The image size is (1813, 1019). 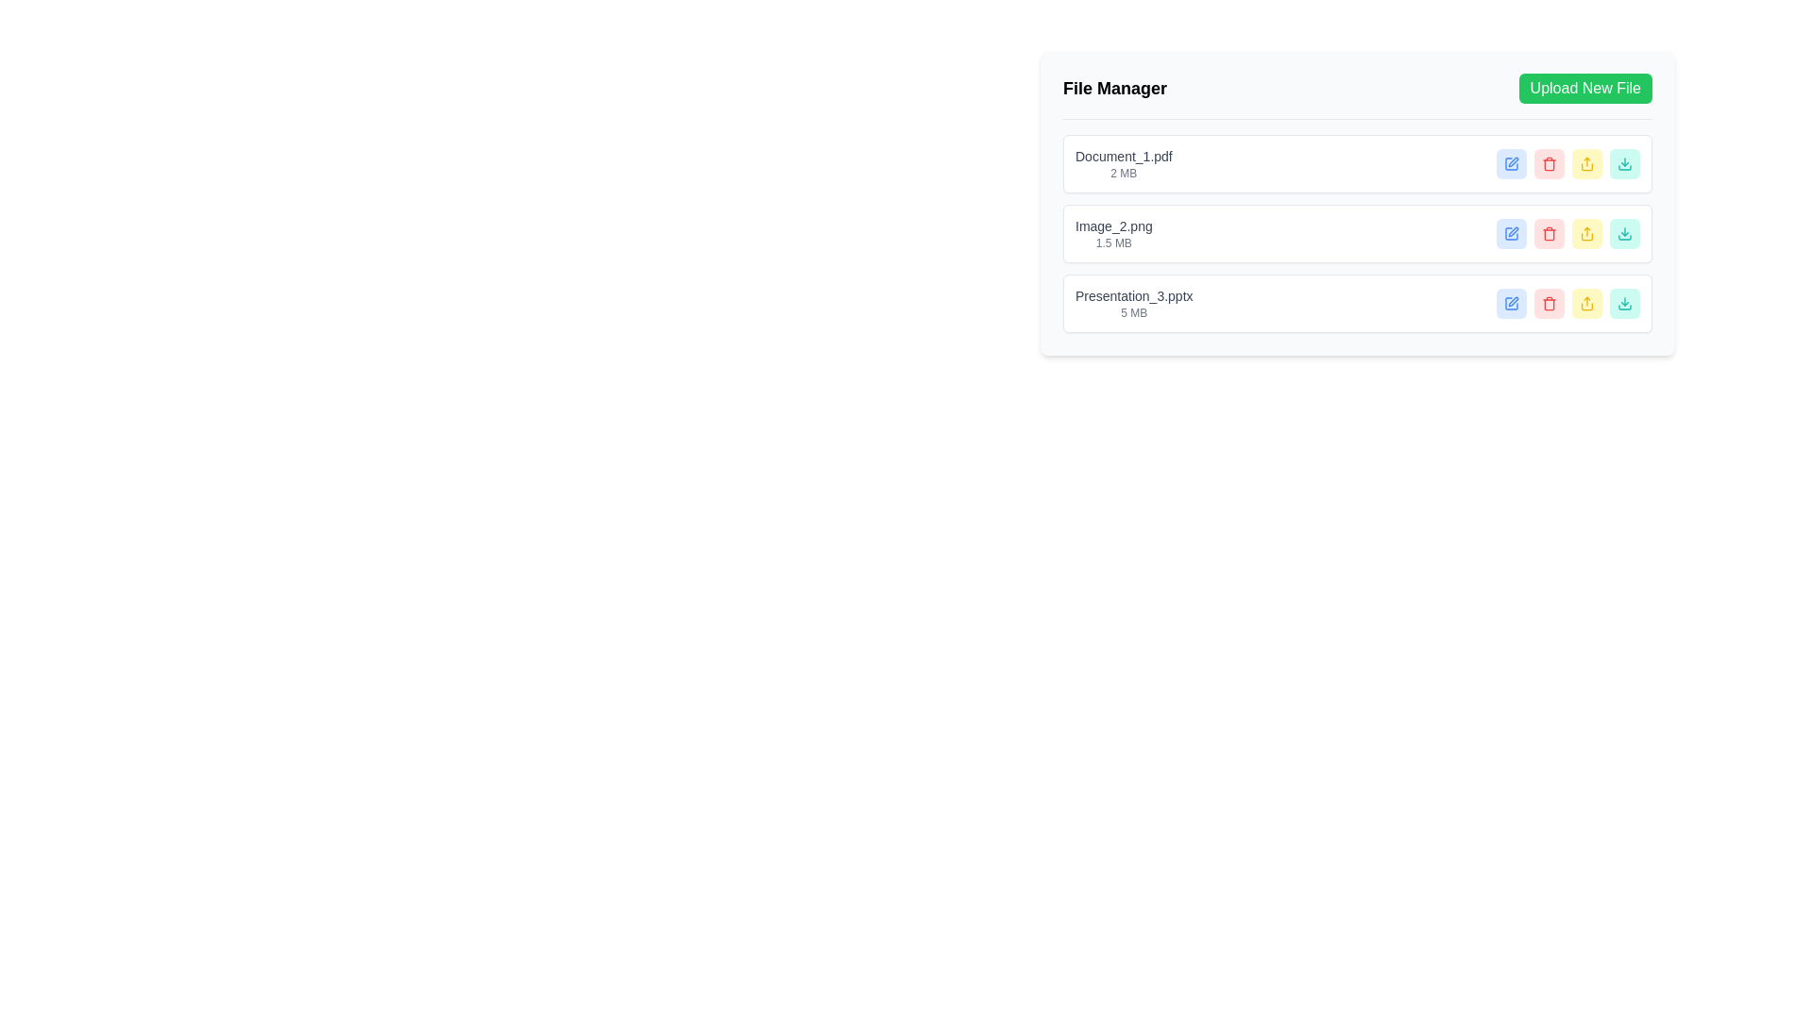 I want to click on text from the Text Label displaying 'Document_1.pdf', which is located at the top-left corner of the file management interface, so click(x=1124, y=155).